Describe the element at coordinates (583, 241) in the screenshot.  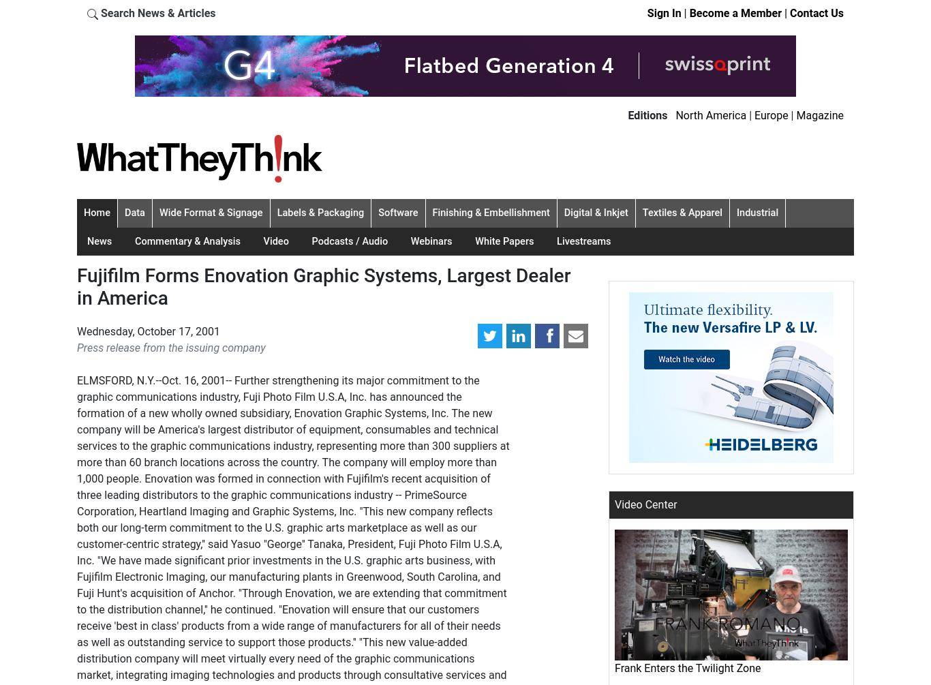
I see `'Livestreams'` at that location.